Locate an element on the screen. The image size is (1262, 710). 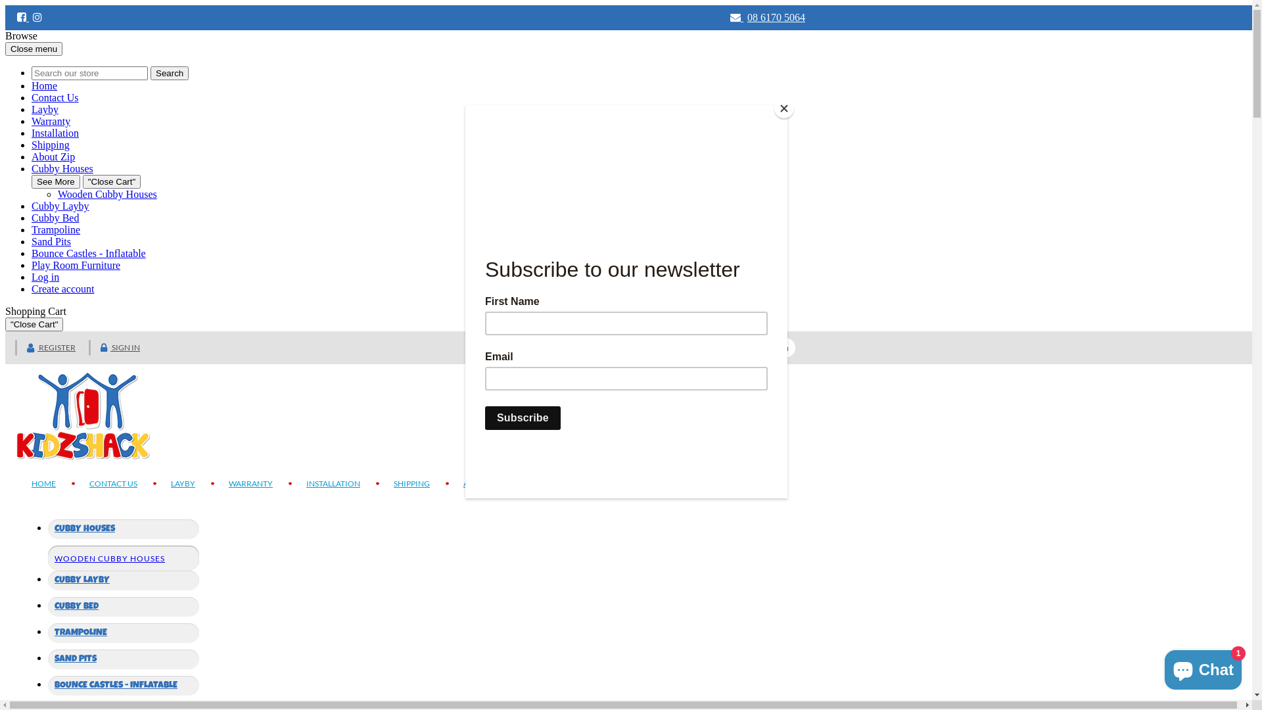
'TRAMPOLINE' is located at coordinates (123, 632).